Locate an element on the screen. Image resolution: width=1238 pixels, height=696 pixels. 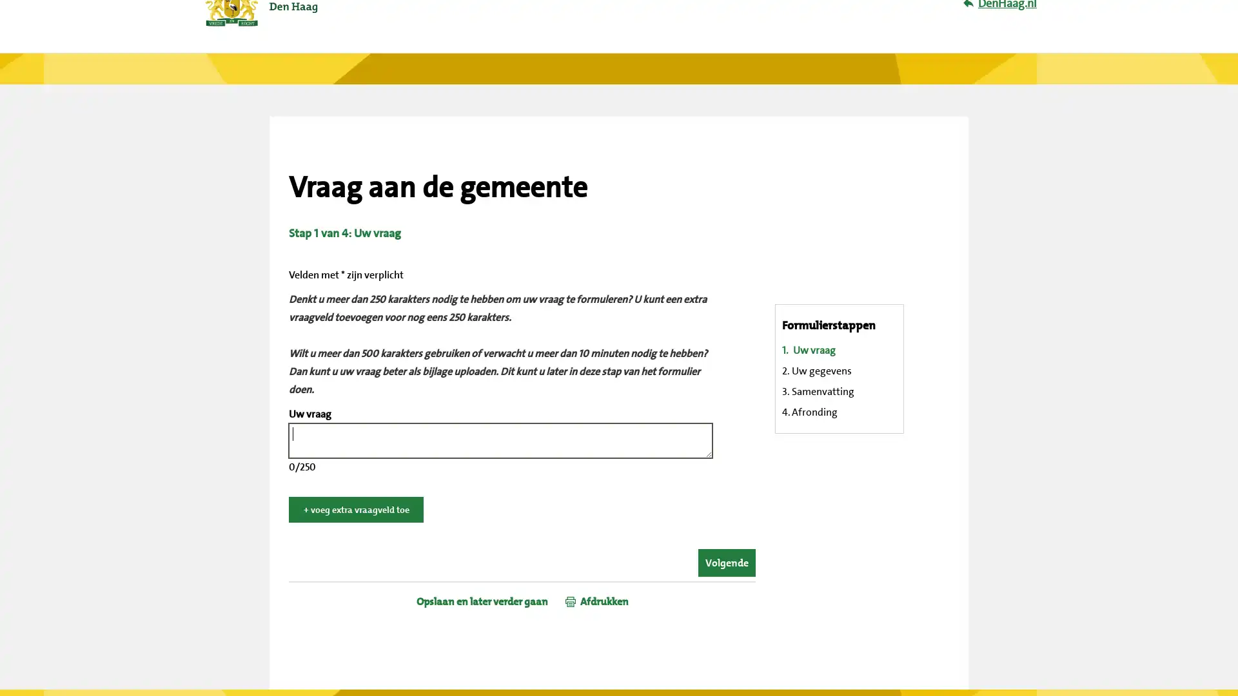
+ voeg extra vraagveld toe is located at coordinates (356, 508).